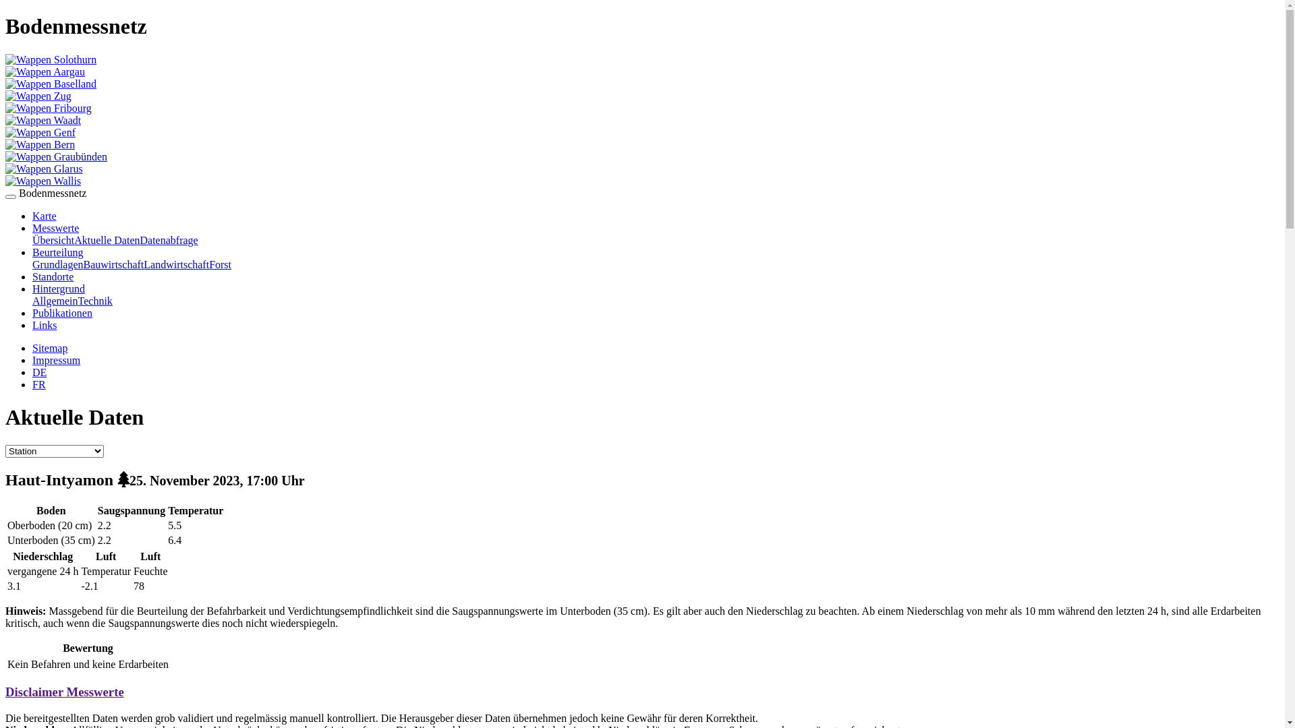  What do you see at coordinates (38, 384) in the screenshot?
I see `'FR'` at bounding box center [38, 384].